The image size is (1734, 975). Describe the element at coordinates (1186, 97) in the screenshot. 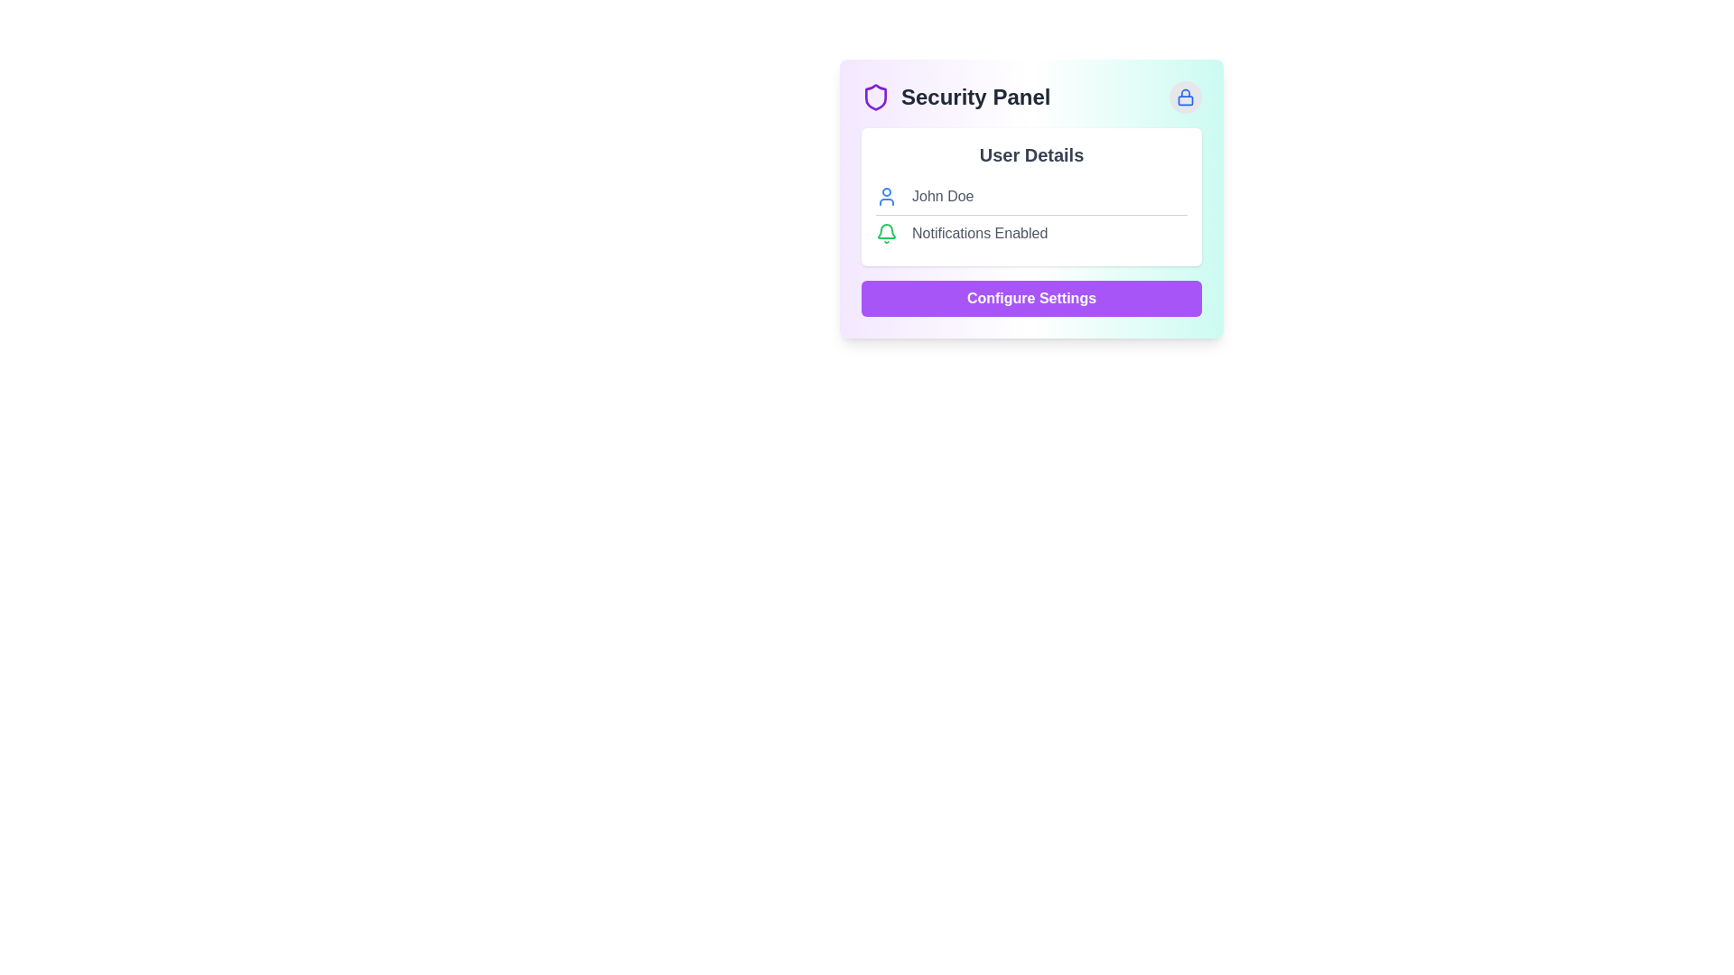

I see `the lock icon located at the top-right corner of the 'Security Panel'` at that location.